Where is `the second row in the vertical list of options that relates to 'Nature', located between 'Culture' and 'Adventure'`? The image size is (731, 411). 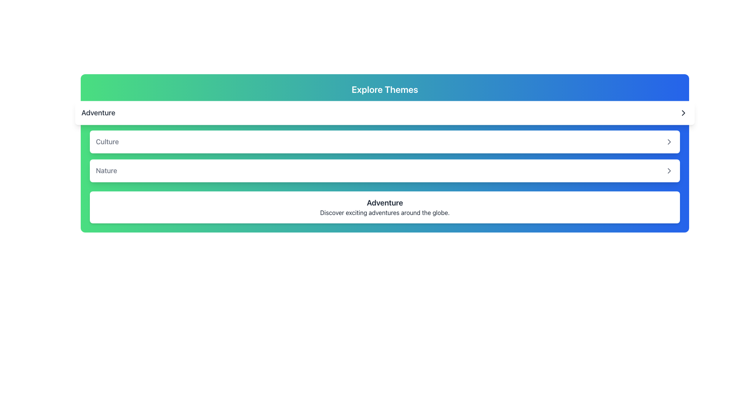
the second row in the vertical list of options that relates to 'Nature', located between 'Culture' and 'Adventure' is located at coordinates (385, 170).